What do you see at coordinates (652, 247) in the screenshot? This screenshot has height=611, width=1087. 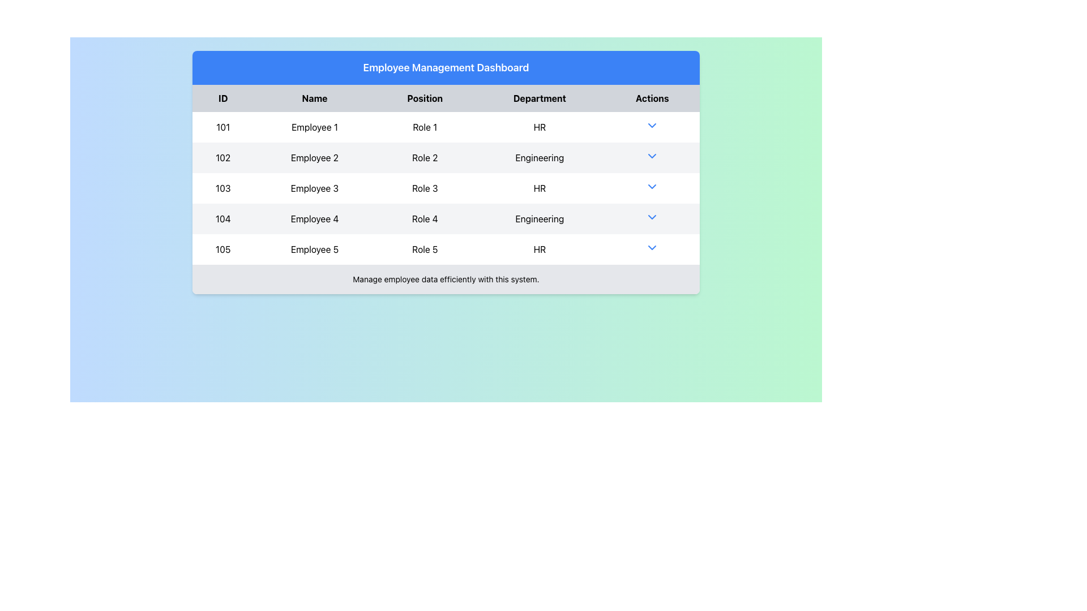 I see `the fifth chevron button in the 'Actions' column for 'Role 5' and 'HR'` at bounding box center [652, 247].